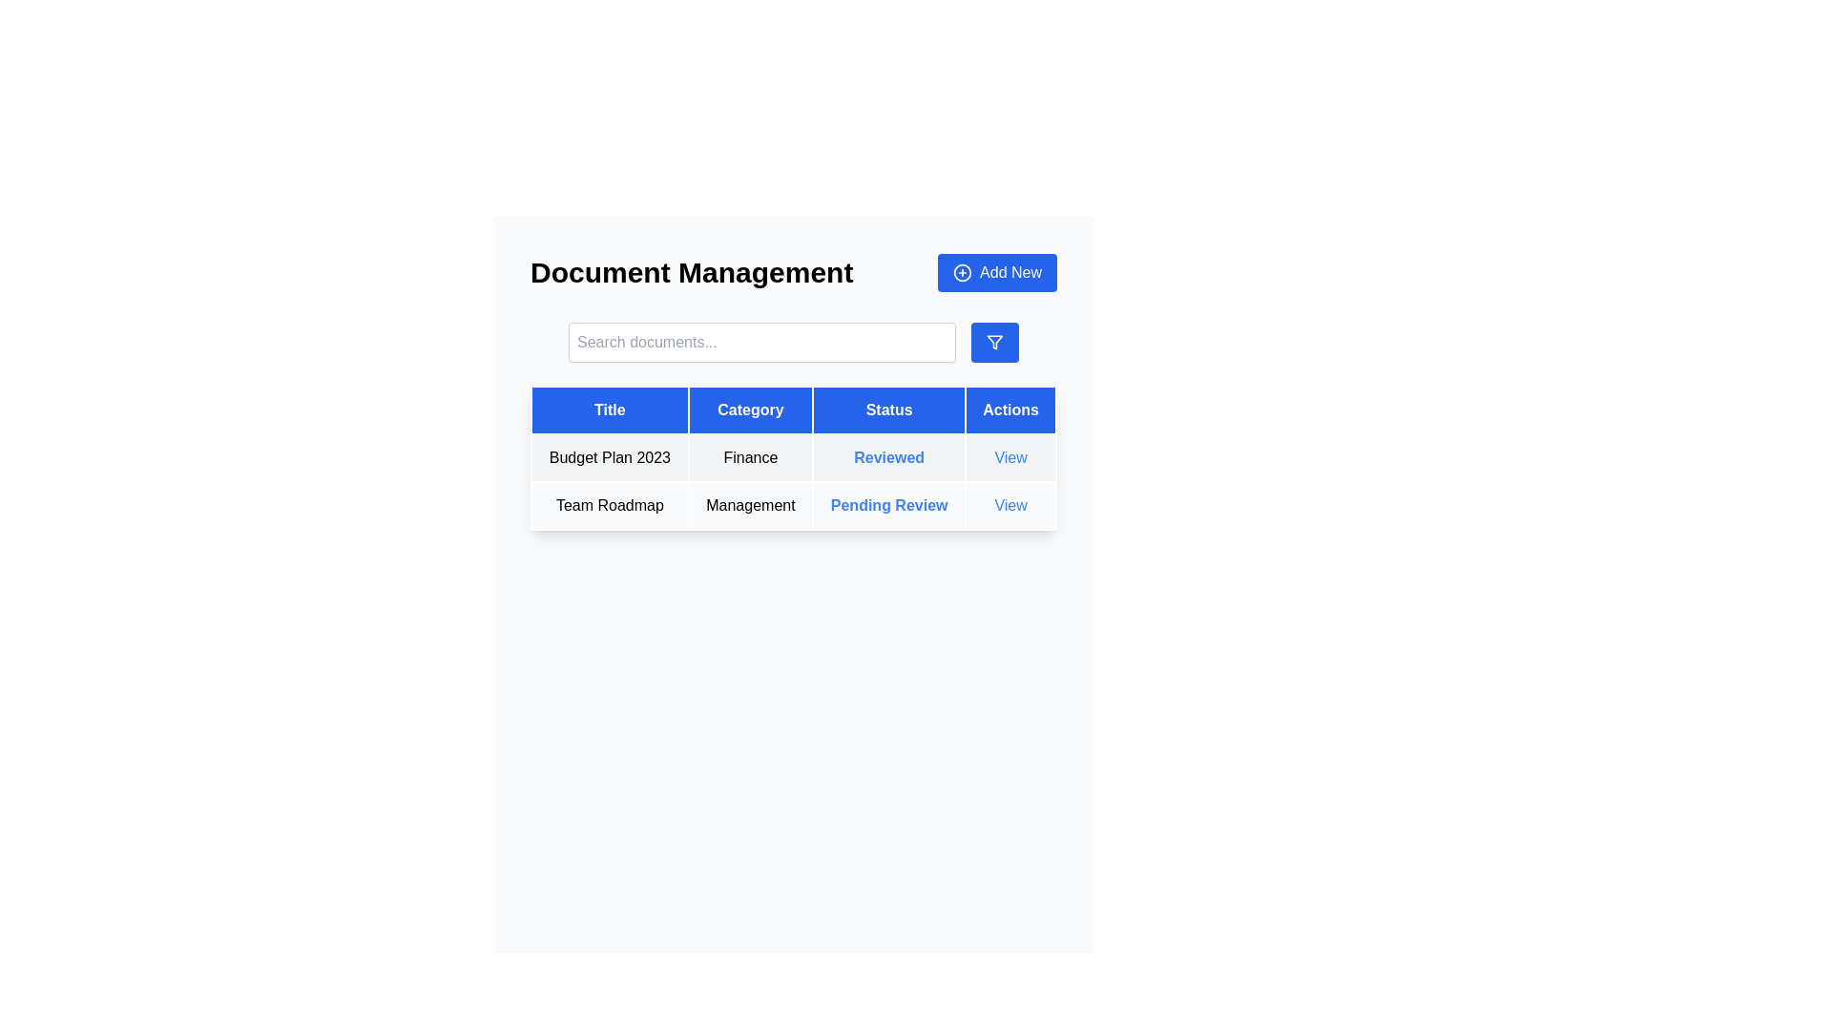 The width and height of the screenshot is (1832, 1031). Describe the element at coordinates (750, 457) in the screenshot. I see `the text label displaying 'Finance' located under the 'Category' column in the first row of the table grid` at that location.